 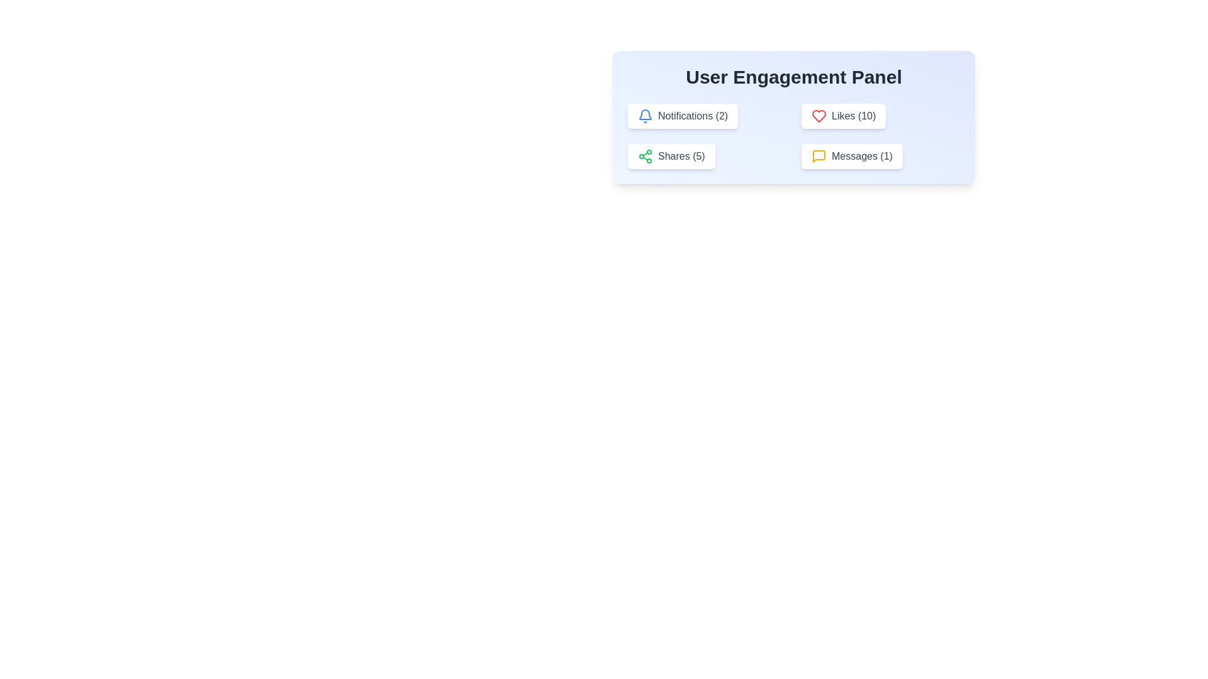 What do you see at coordinates (682, 116) in the screenshot?
I see `the button labeled 'Notifications (2)' with a bell icon` at bounding box center [682, 116].